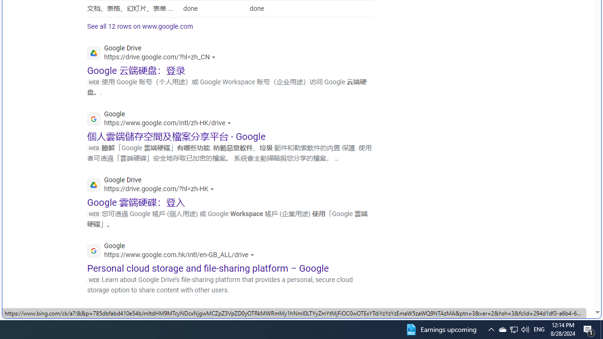 This screenshot has width=603, height=339. I want to click on 'Google', so click(173, 251).